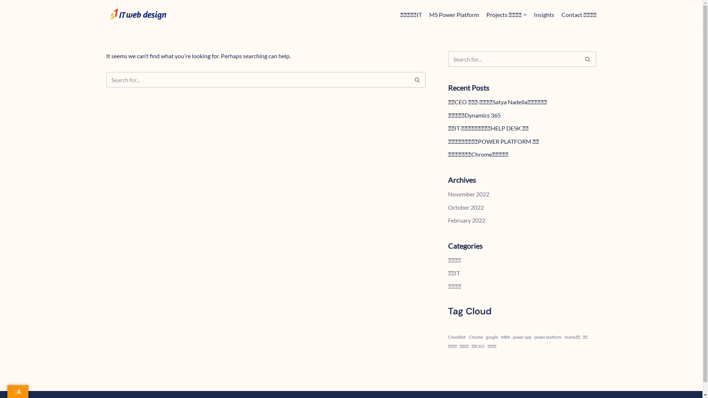 Image resolution: width=708 pixels, height=398 pixels. What do you see at coordinates (544, 14) in the screenshot?
I see `'Insights'` at bounding box center [544, 14].